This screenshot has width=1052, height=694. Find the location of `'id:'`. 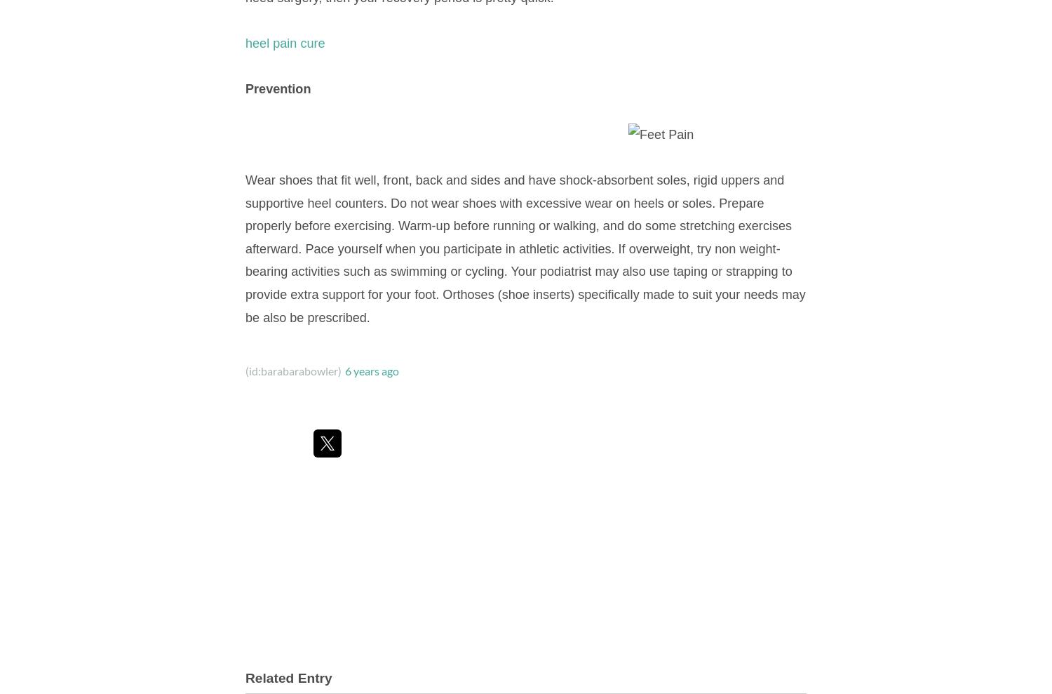

'id:' is located at coordinates (248, 371).